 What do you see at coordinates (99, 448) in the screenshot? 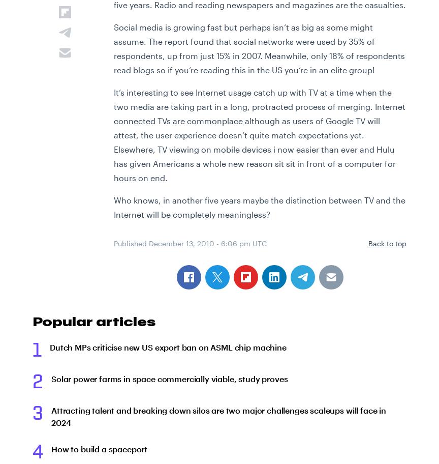
I see `'How to build a spaceport'` at bounding box center [99, 448].